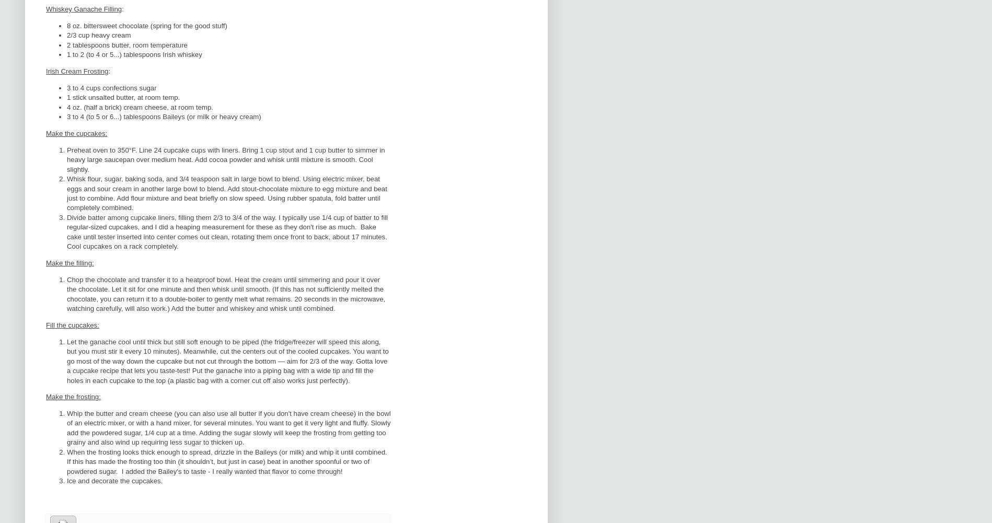 This screenshot has height=523, width=992. Describe the element at coordinates (133, 54) in the screenshot. I see `'1 to 2 (to 4 or 5...) tablespoons Irish whiskey'` at that location.